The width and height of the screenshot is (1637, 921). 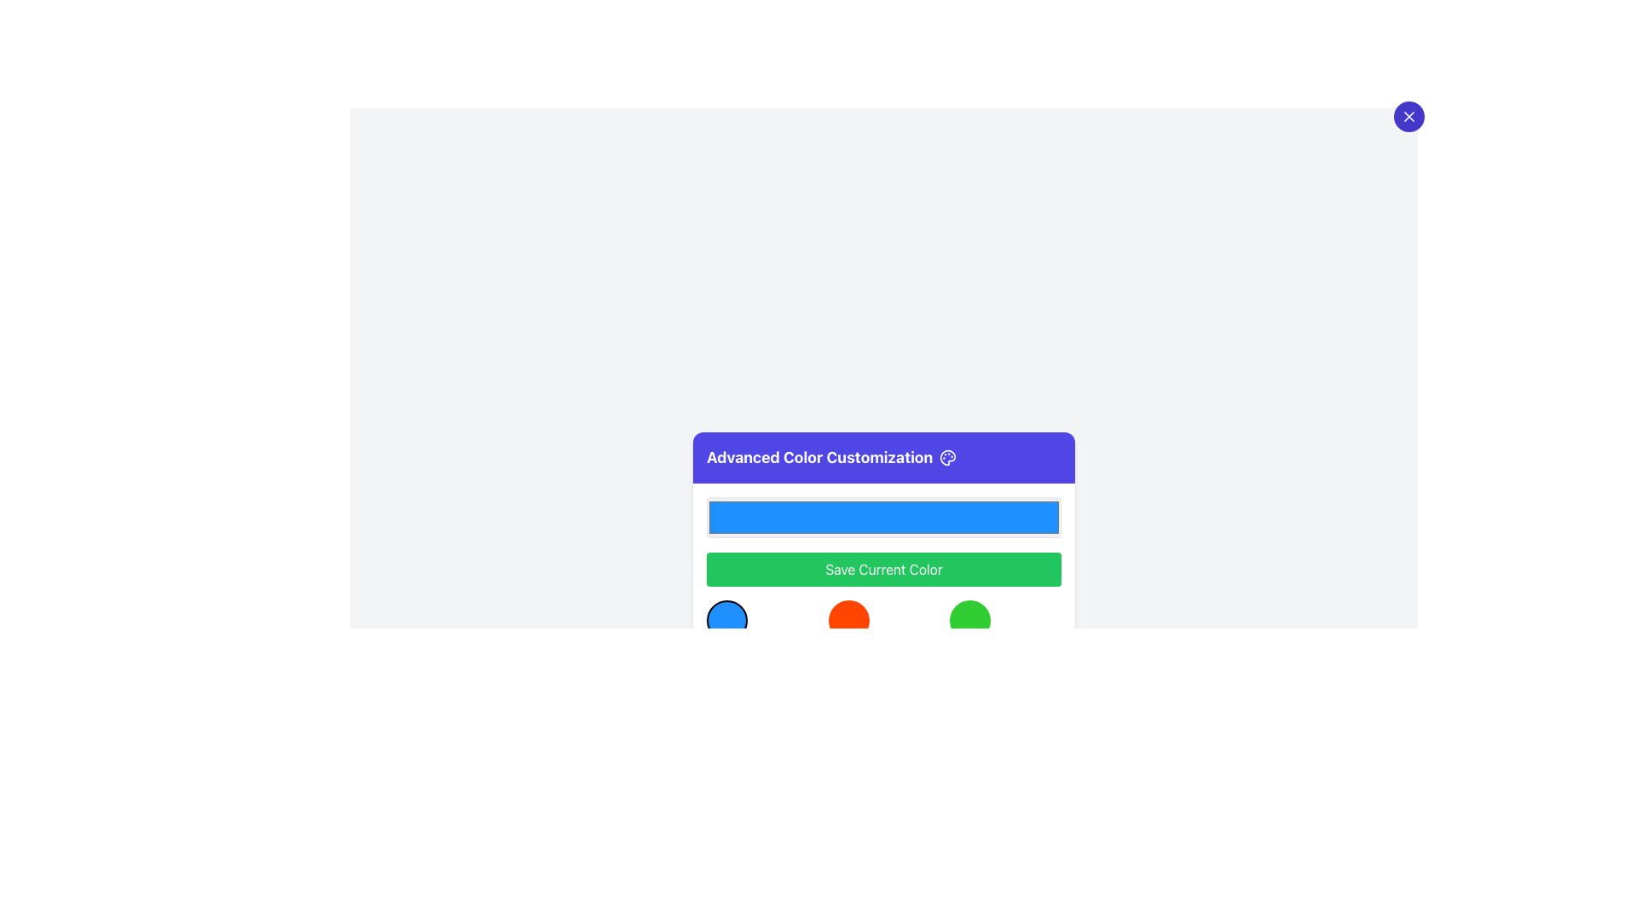 What do you see at coordinates (970, 620) in the screenshot?
I see `the third circular color indicator in the grid layout` at bounding box center [970, 620].